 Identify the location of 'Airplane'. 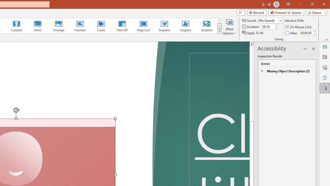
(164, 26).